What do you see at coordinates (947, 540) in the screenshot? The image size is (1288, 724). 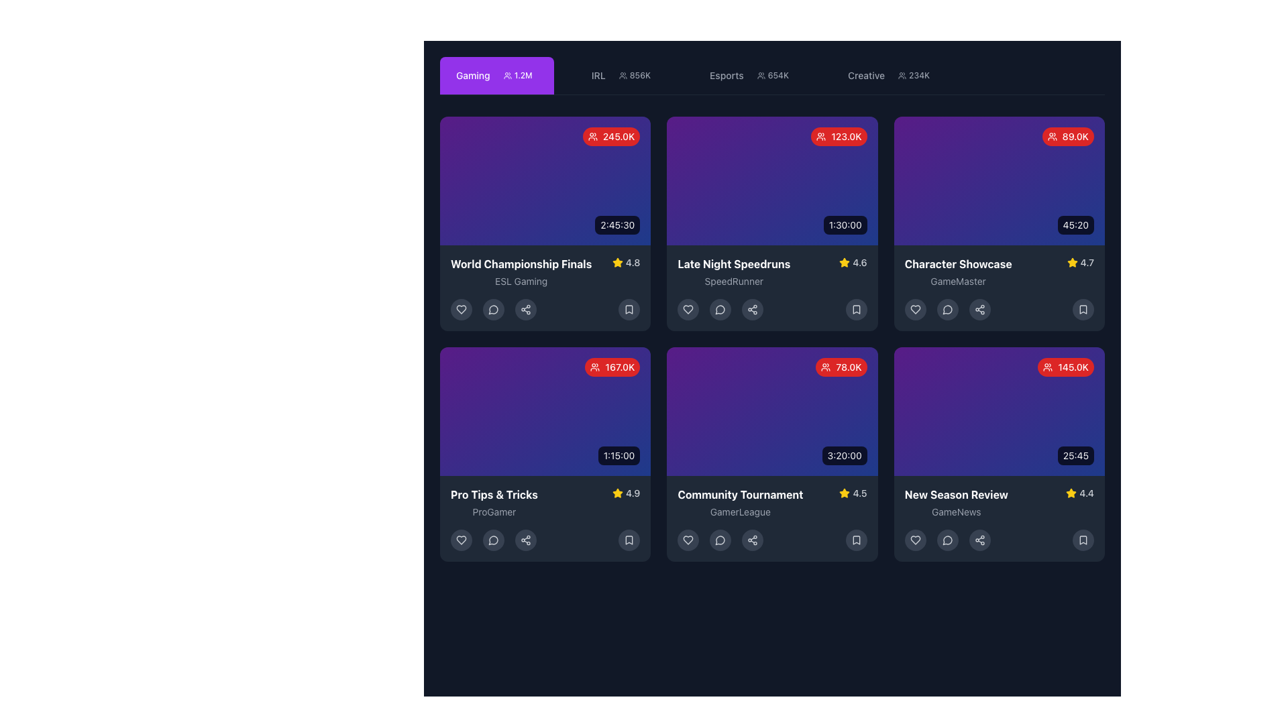 I see `the comment button located in the footer of the 'New Season Review' tile, which is the third button in a horizontal arrangement of four buttons` at bounding box center [947, 540].